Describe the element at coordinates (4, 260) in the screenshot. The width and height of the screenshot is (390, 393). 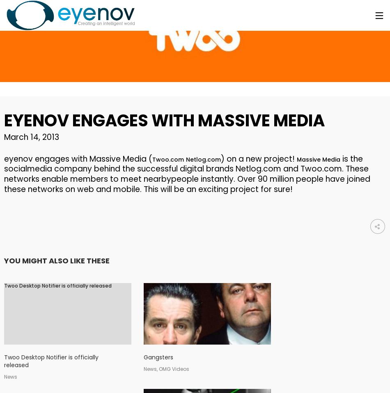
I see `'YOU MIGHT ALSO LIKE THESE'` at that location.